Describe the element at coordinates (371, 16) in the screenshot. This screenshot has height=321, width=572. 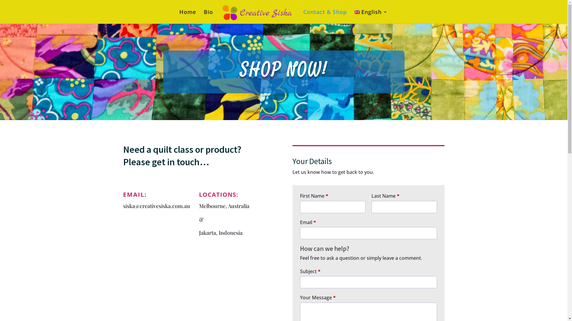
I see `'English'` at that location.